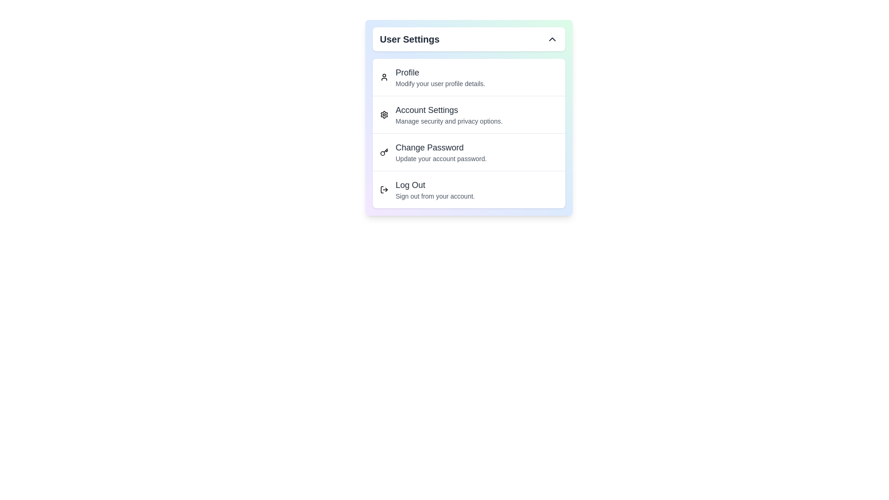  I want to click on the menu option Log Out, so click(469, 189).